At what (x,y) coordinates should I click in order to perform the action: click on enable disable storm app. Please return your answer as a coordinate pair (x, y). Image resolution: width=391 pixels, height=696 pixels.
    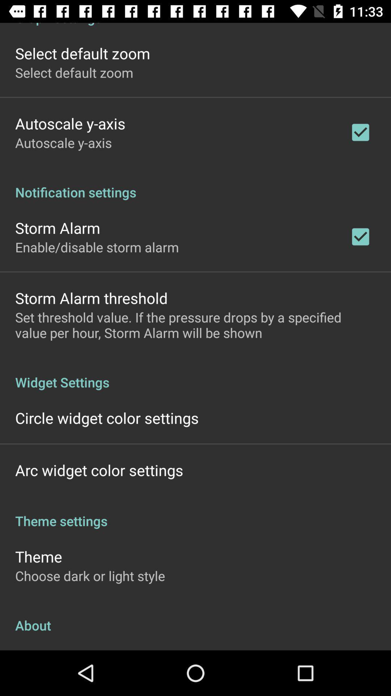
    Looking at the image, I should click on (97, 247).